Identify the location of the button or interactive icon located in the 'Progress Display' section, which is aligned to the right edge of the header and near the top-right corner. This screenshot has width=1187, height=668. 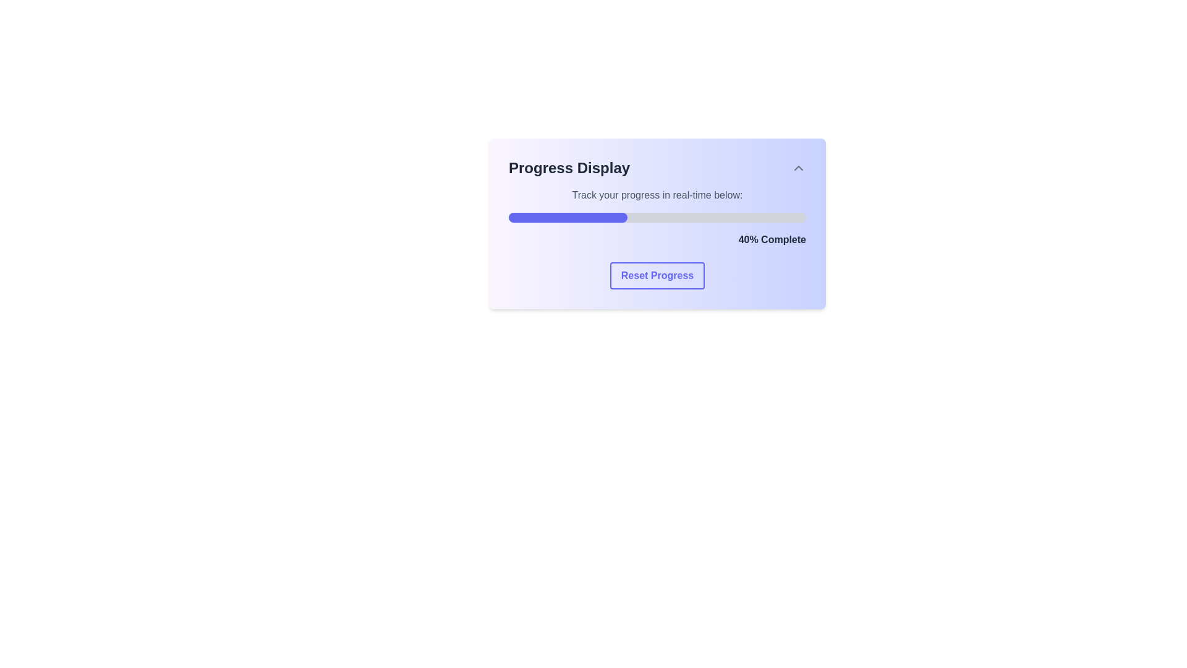
(798, 168).